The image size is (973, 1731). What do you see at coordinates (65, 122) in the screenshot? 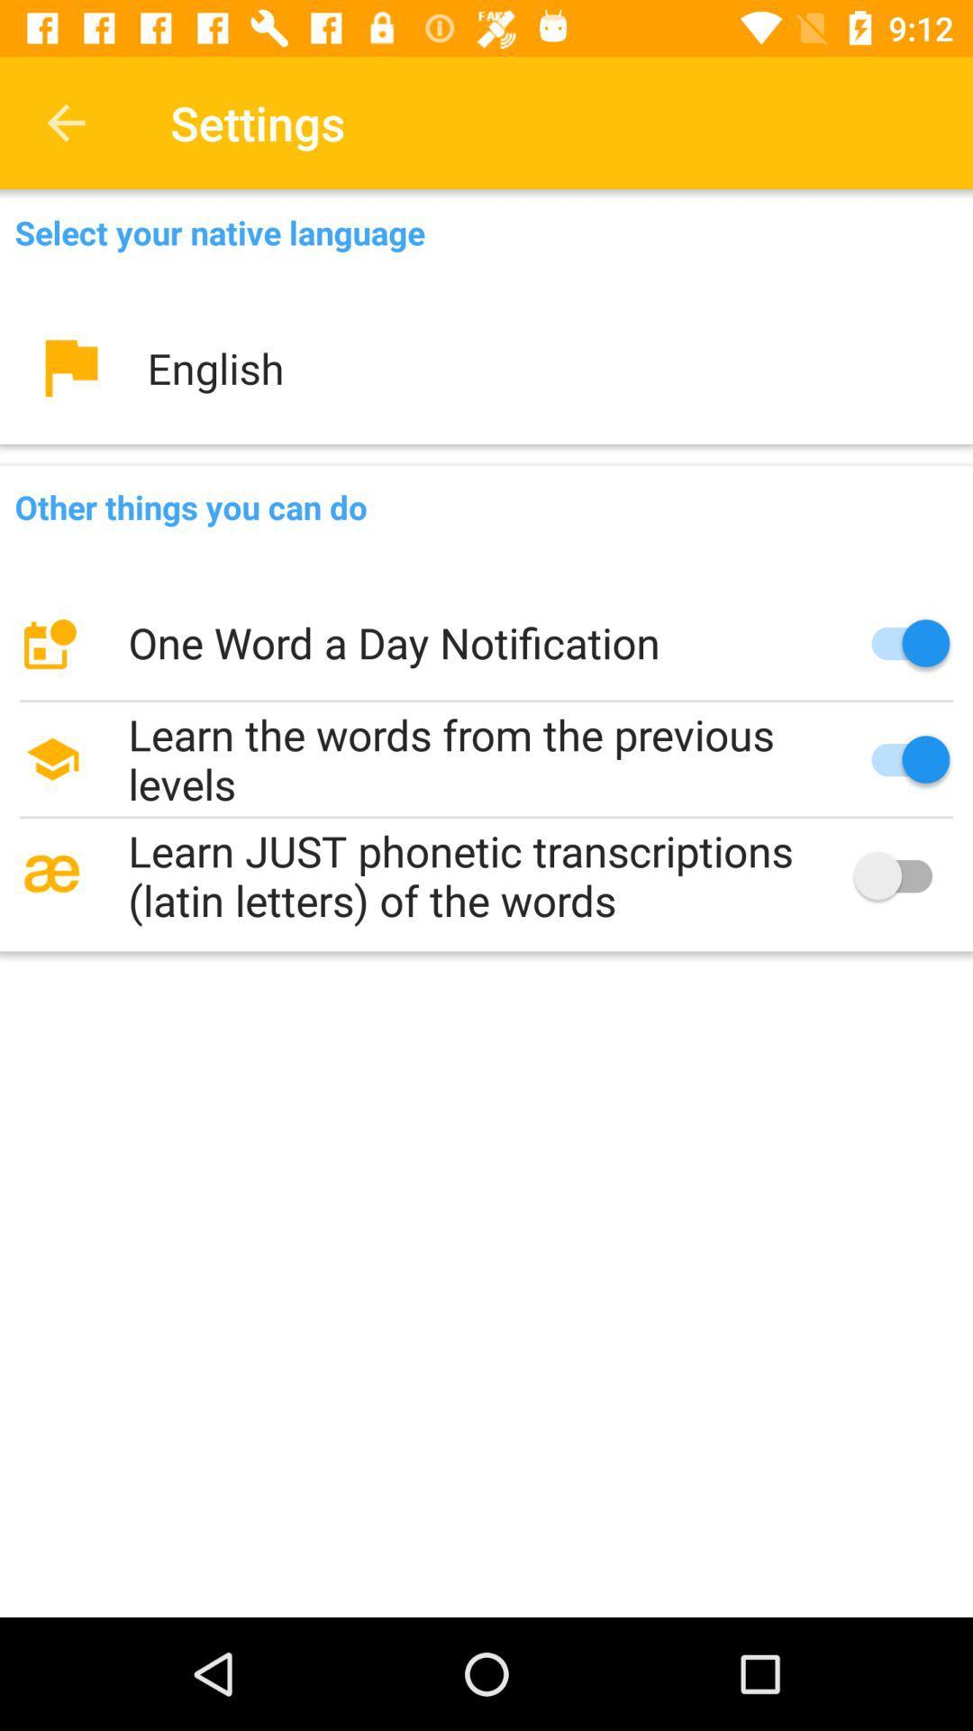
I see `item next to the settings item` at bounding box center [65, 122].